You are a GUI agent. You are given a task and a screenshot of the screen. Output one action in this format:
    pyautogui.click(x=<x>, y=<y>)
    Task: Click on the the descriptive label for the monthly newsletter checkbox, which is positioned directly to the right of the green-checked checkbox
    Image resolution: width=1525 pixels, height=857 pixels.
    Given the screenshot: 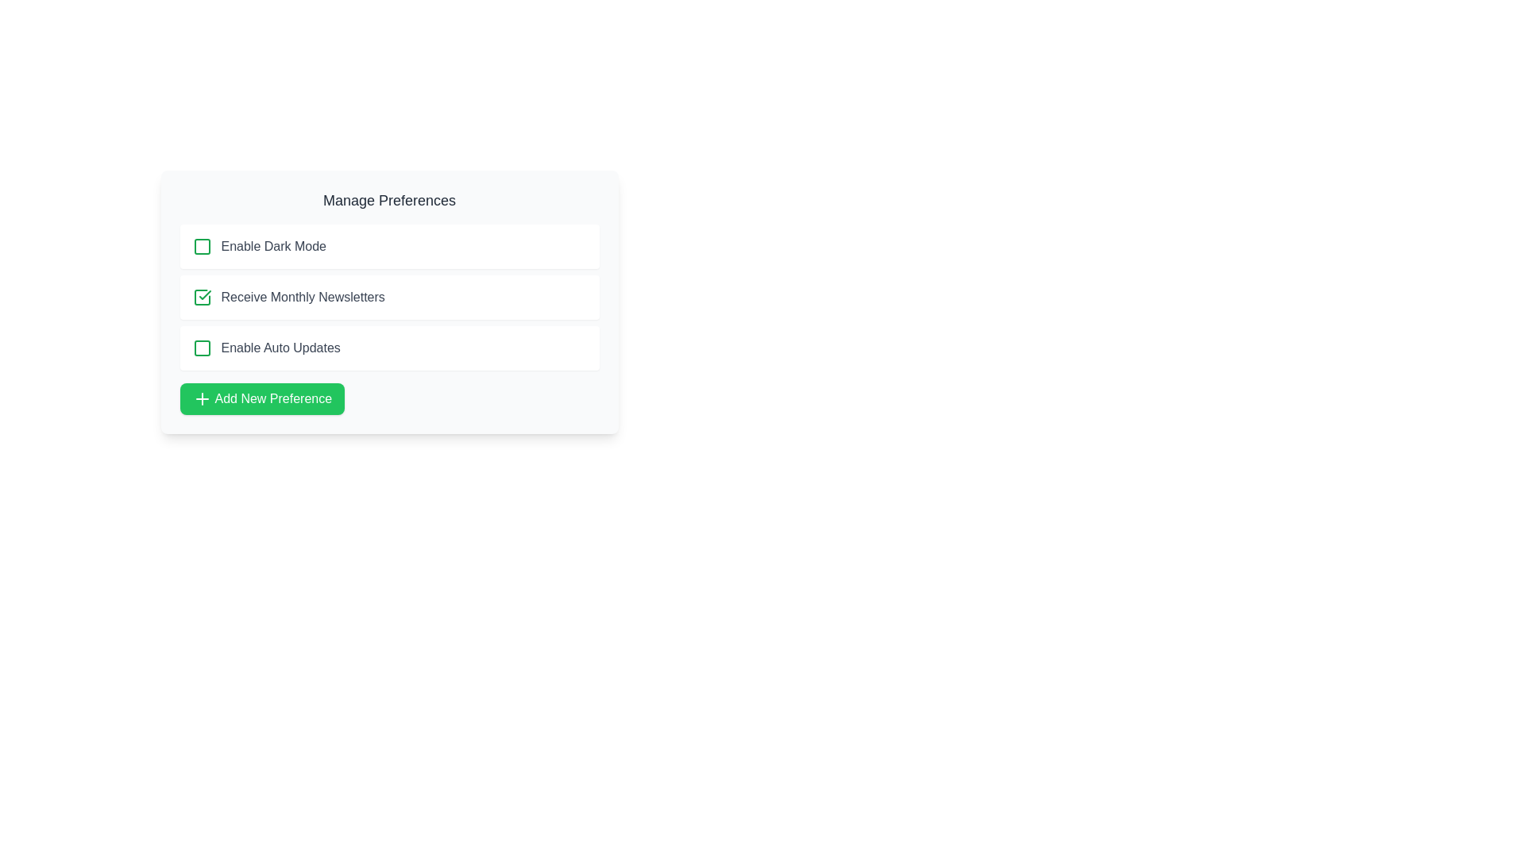 What is the action you would take?
    pyautogui.click(x=303, y=297)
    